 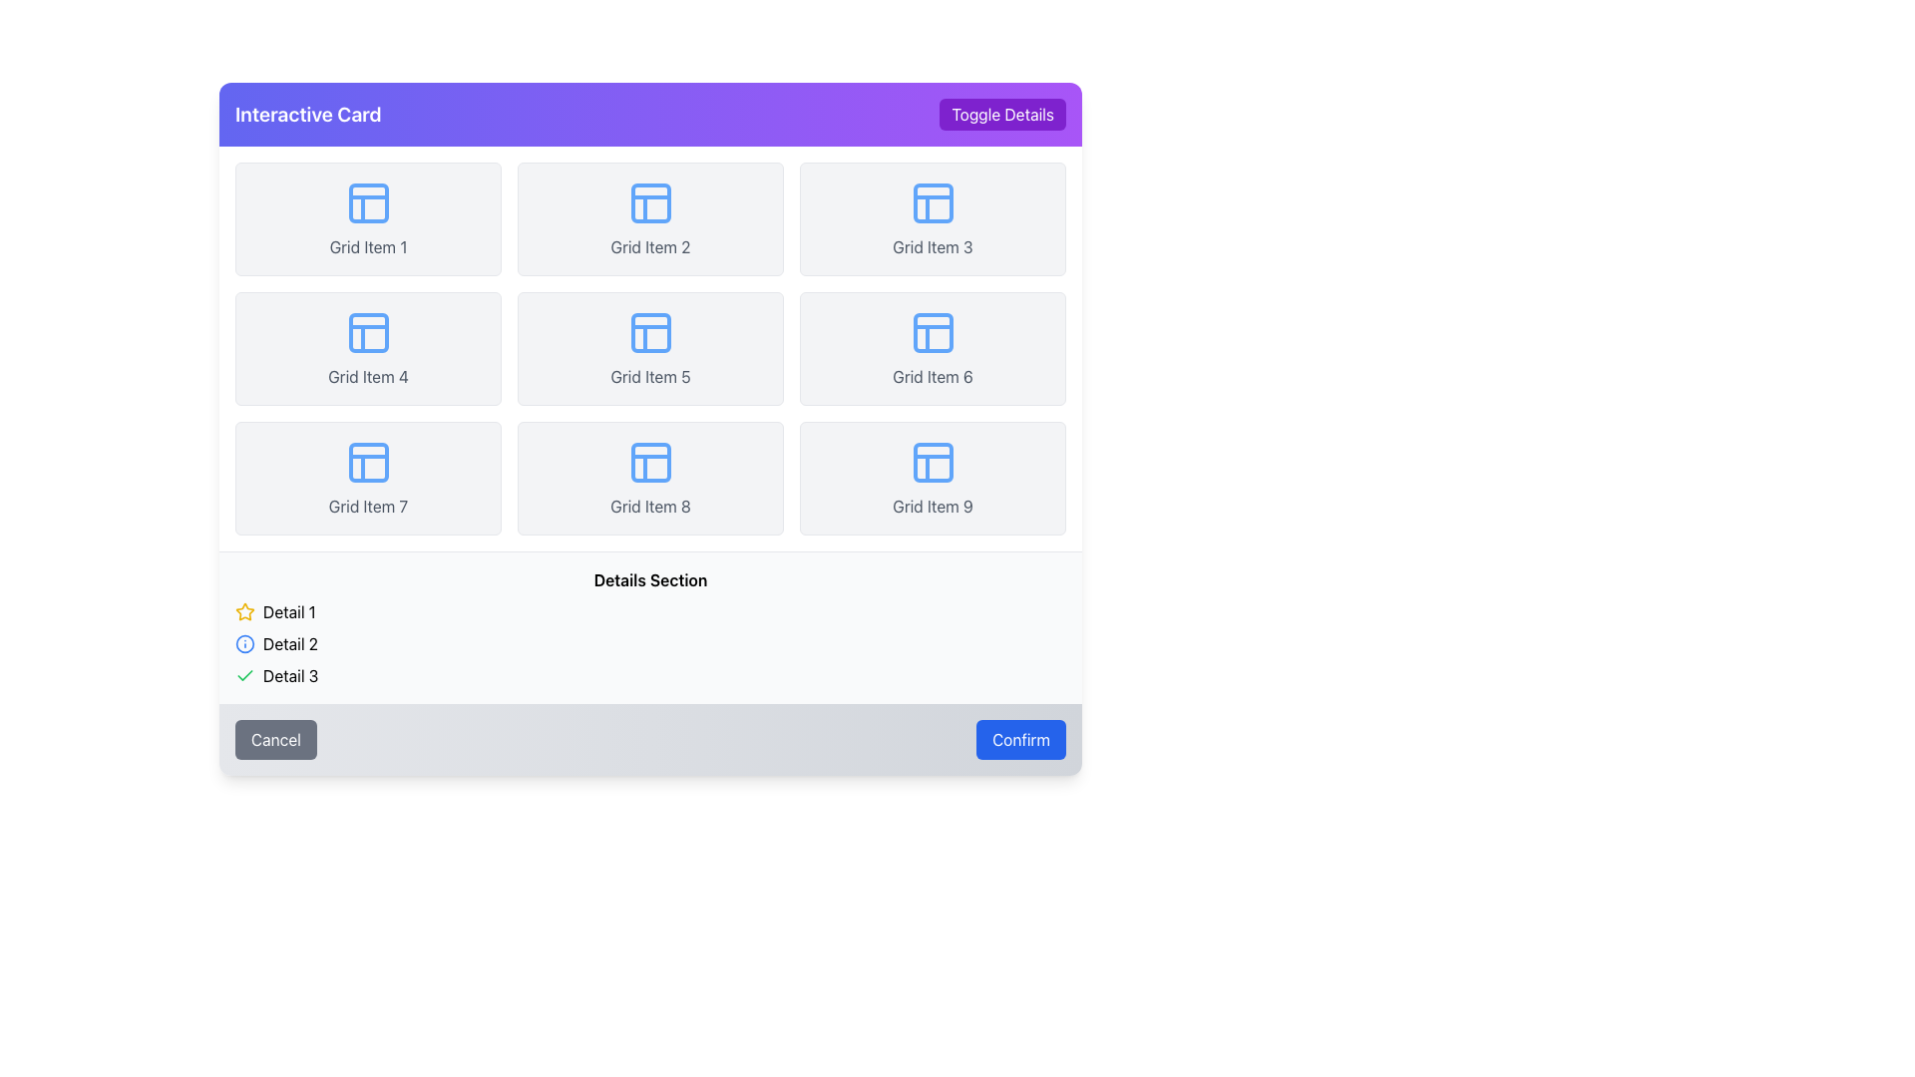 I want to click on the top-left portion of the graphical icon representing Grid Item 1, which indicates a layout structure, so click(x=368, y=203).